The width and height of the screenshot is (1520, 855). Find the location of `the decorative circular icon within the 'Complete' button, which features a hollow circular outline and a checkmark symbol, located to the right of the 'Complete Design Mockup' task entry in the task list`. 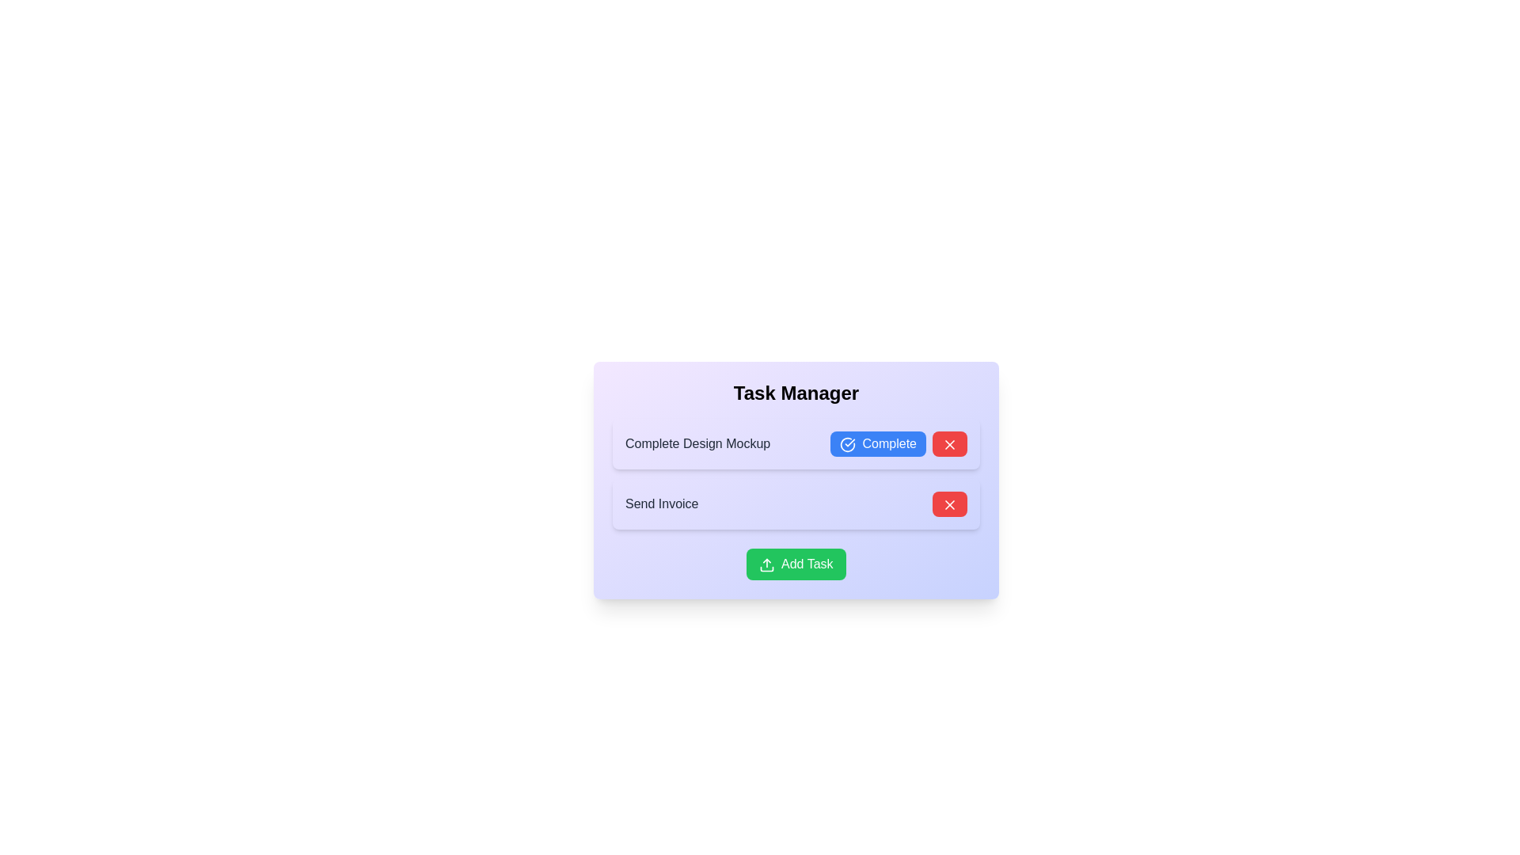

the decorative circular icon within the 'Complete' button, which features a hollow circular outline and a checkmark symbol, located to the right of the 'Complete Design Mockup' task entry in the task list is located at coordinates (847, 444).